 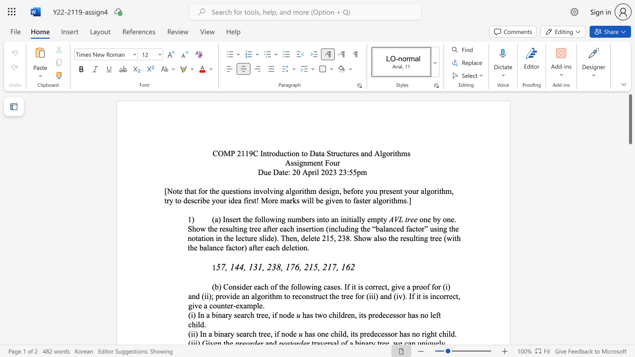 What do you see at coordinates (630, 233) in the screenshot?
I see `the scrollbar to move the page down` at bounding box center [630, 233].